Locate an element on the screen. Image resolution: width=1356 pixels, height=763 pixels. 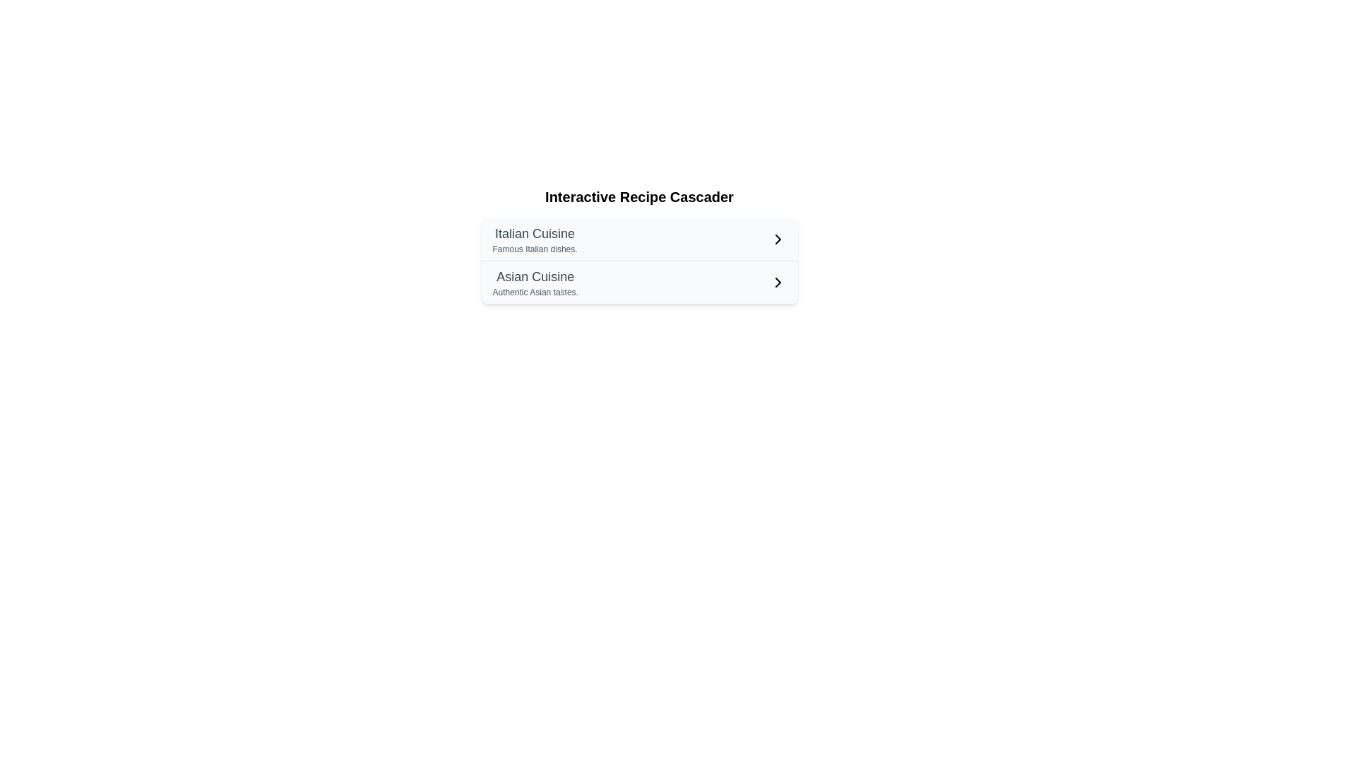
the chevron arrow icon pointing to the right, located next to the 'Asian Cuisine' text, to proceed to the Asian Cuisine submenu is located at coordinates (777, 283).